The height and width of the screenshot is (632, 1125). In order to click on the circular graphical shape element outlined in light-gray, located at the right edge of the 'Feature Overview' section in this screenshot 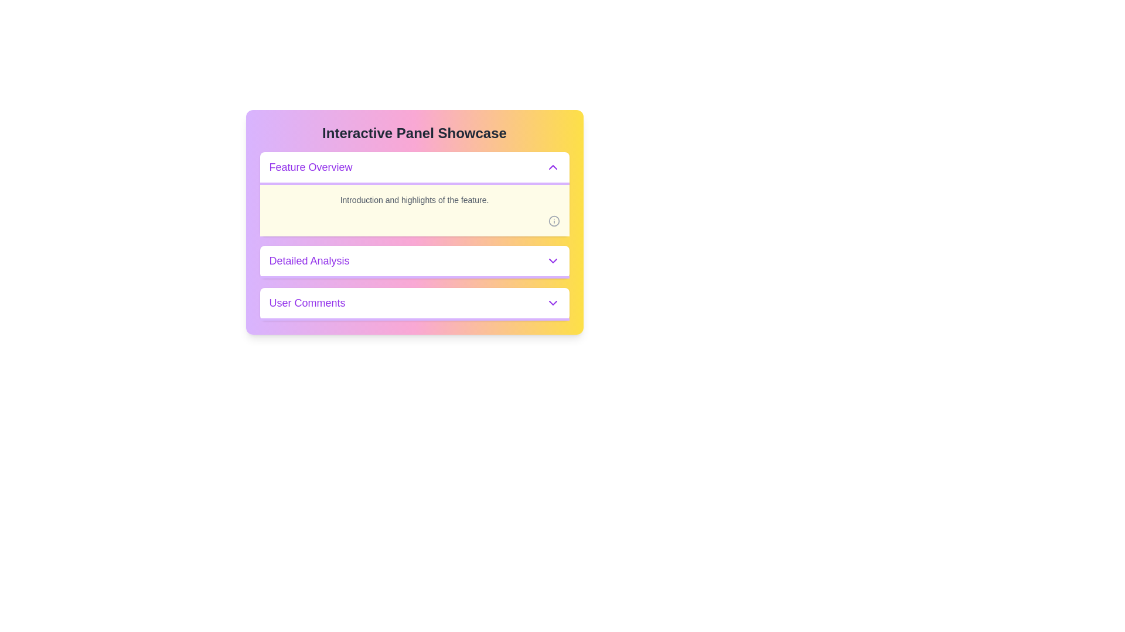, I will do `click(553, 221)`.